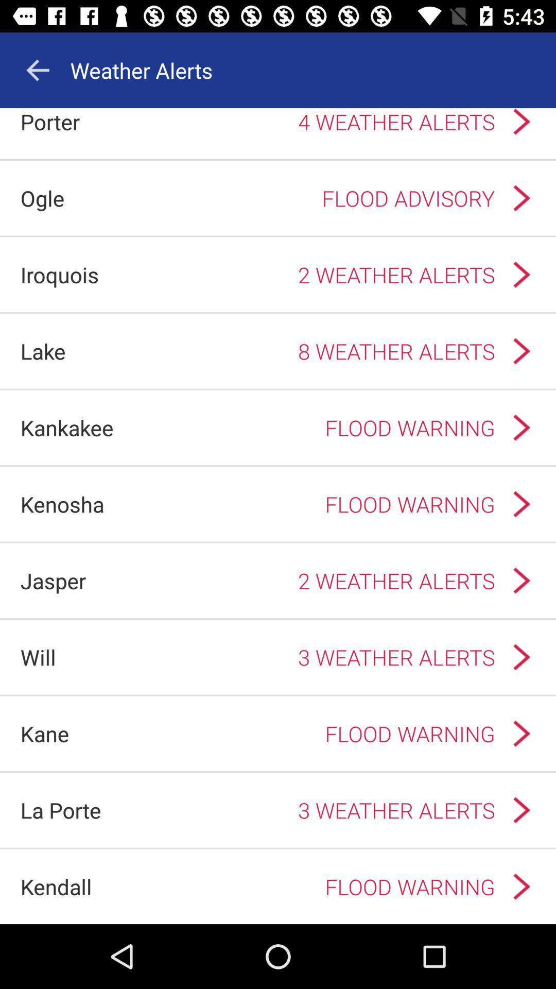  I want to click on the app to the left of weather alerts icon, so click(37, 70).